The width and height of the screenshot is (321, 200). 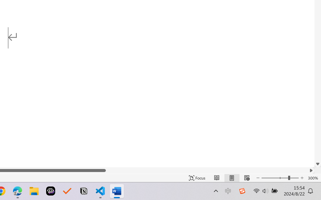 What do you see at coordinates (274, 178) in the screenshot?
I see `'Zoom Out'` at bounding box center [274, 178].